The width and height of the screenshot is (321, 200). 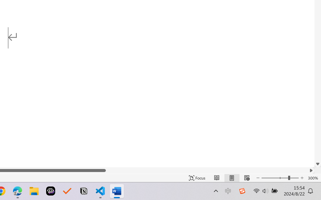 What do you see at coordinates (274, 178) in the screenshot?
I see `'Zoom Out'` at bounding box center [274, 178].